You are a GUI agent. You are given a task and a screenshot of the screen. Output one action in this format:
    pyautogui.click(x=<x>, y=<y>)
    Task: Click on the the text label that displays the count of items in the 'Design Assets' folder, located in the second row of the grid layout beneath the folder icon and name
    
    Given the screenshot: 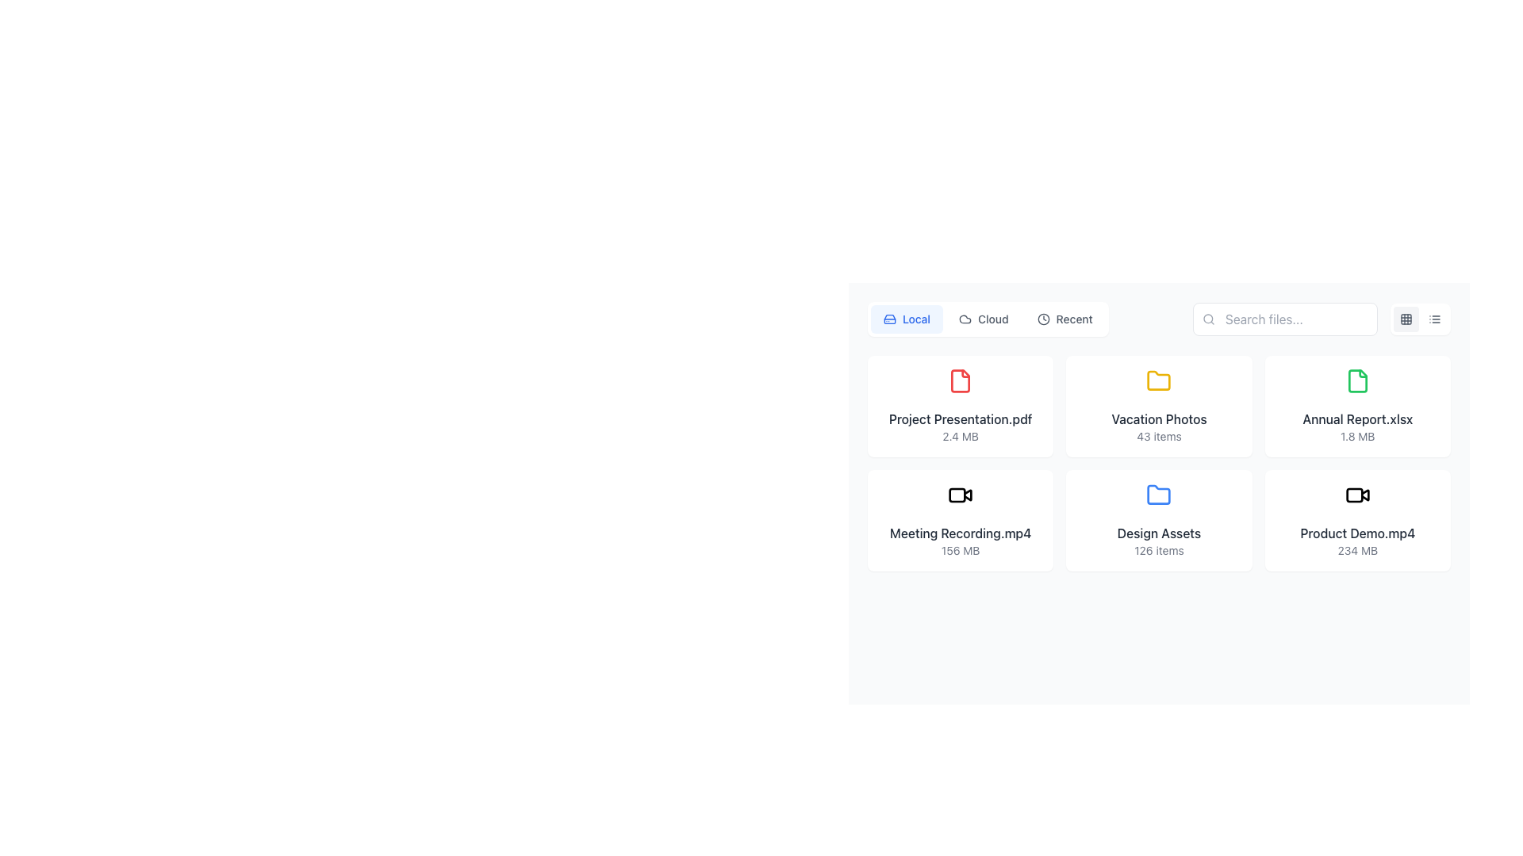 What is the action you would take?
    pyautogui.click(x=1159, y=549)
    